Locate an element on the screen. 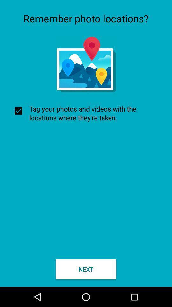 Image resolution: width=172 pixels, height=307 pixels. the checkbox at the center is located at coordinates (86, 113).